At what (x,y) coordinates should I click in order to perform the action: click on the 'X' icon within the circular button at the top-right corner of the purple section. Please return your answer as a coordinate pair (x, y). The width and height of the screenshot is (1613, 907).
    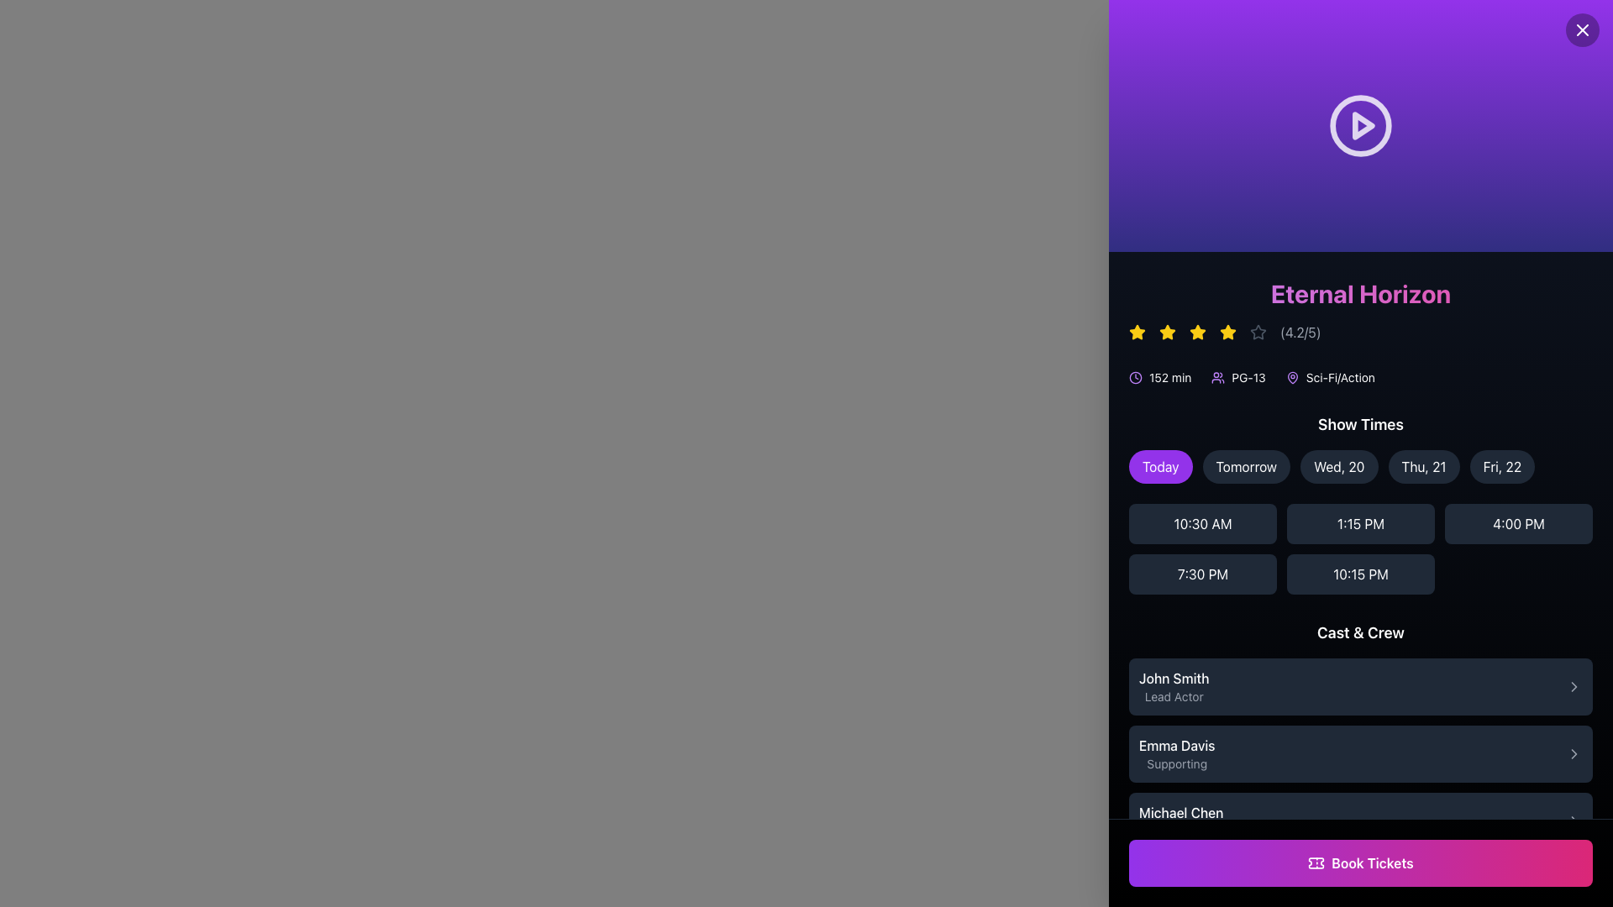
    Looking at the image, I should click on (1581, 29).